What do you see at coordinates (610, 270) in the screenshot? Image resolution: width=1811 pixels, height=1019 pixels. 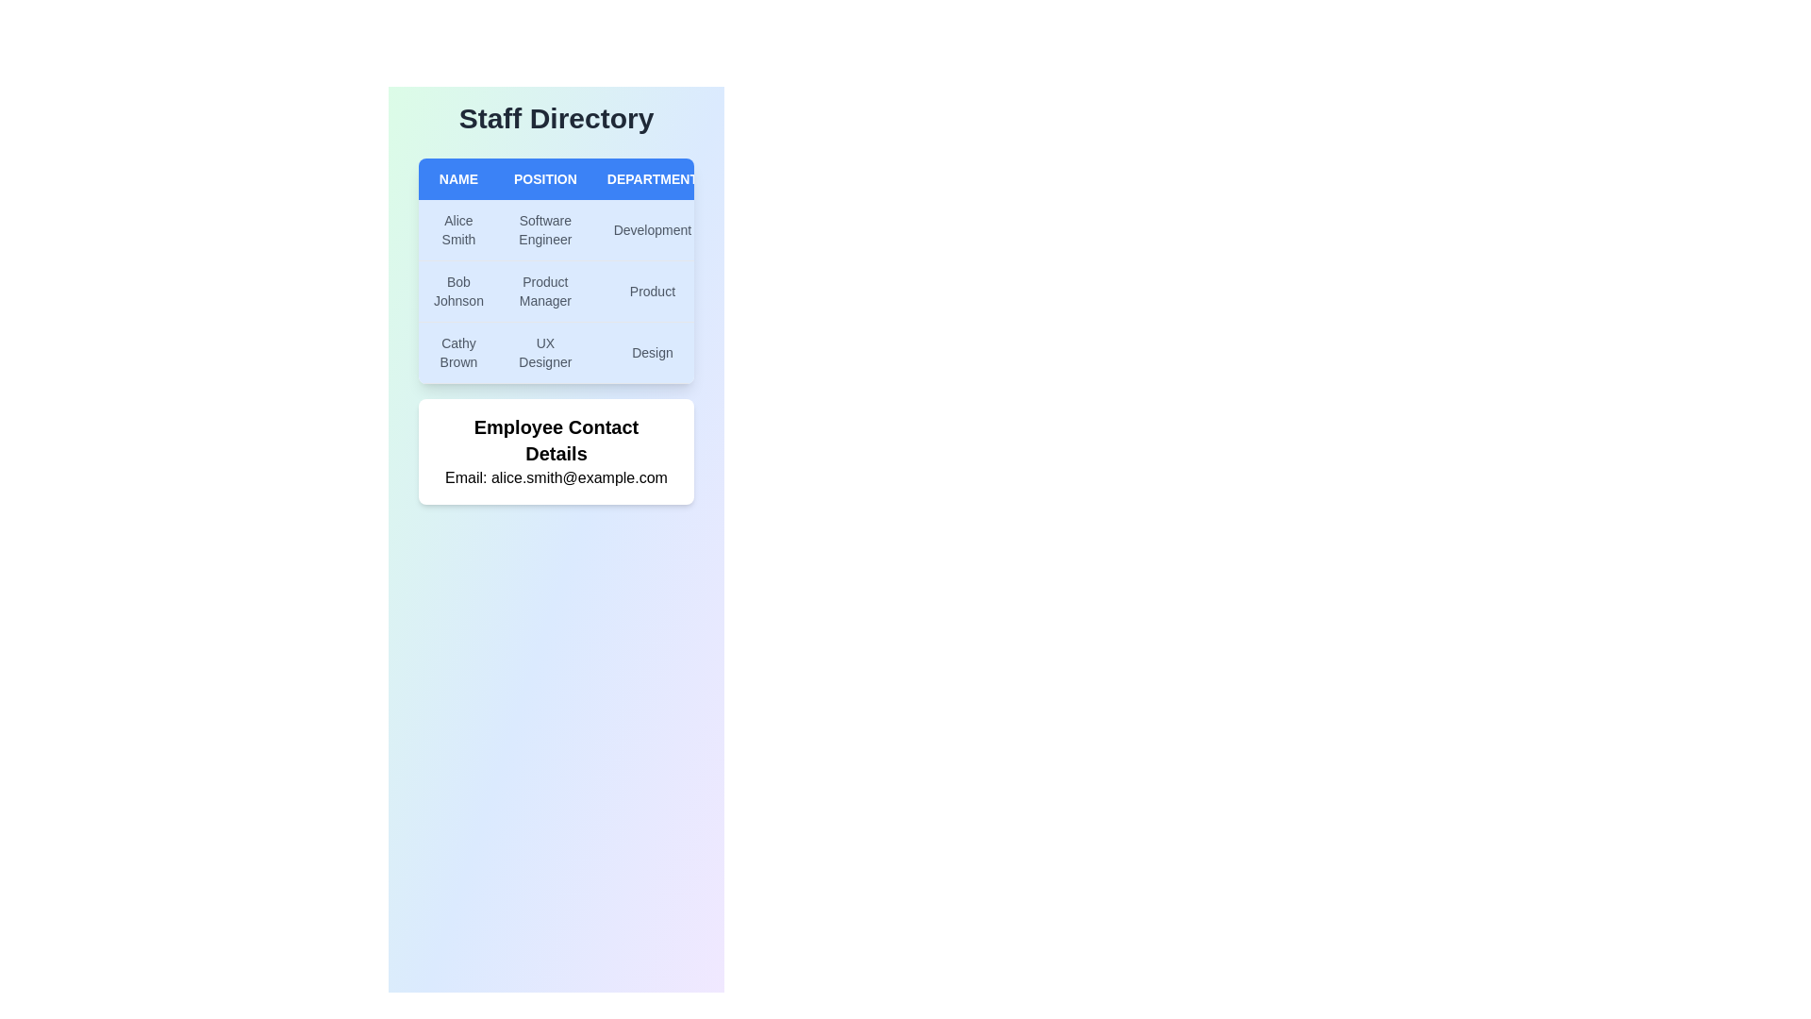 I see `the second row of the table that displays information about an individual staff member, including their name, position, and department` at bounding box center [610, 270].